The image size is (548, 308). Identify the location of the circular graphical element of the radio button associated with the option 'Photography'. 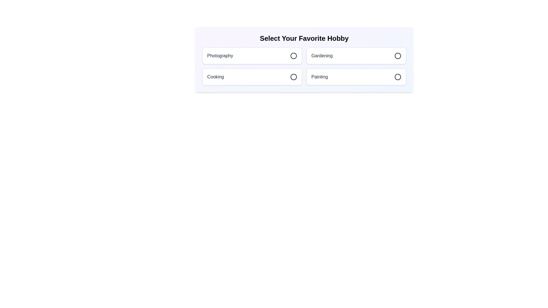
(293, 56).